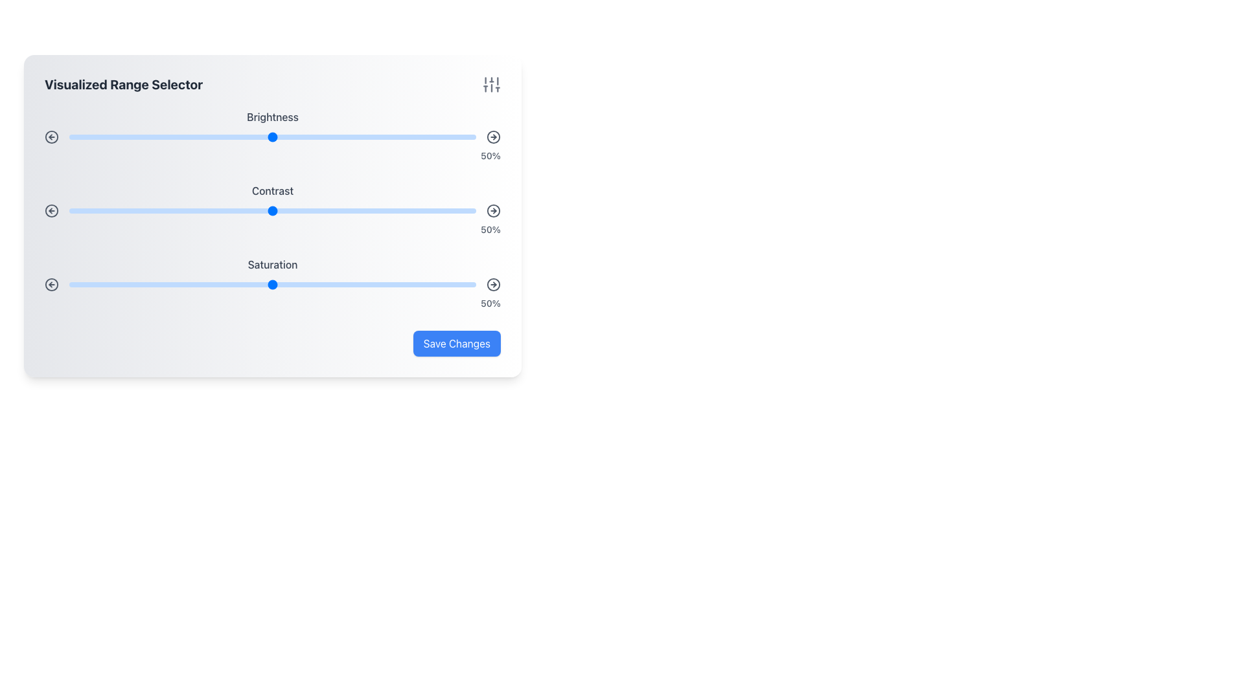 This screenshot has height=699, width=1244. Describe the element at coordinates (138, 137) in the screenshot. I see `the brightness` at that location.